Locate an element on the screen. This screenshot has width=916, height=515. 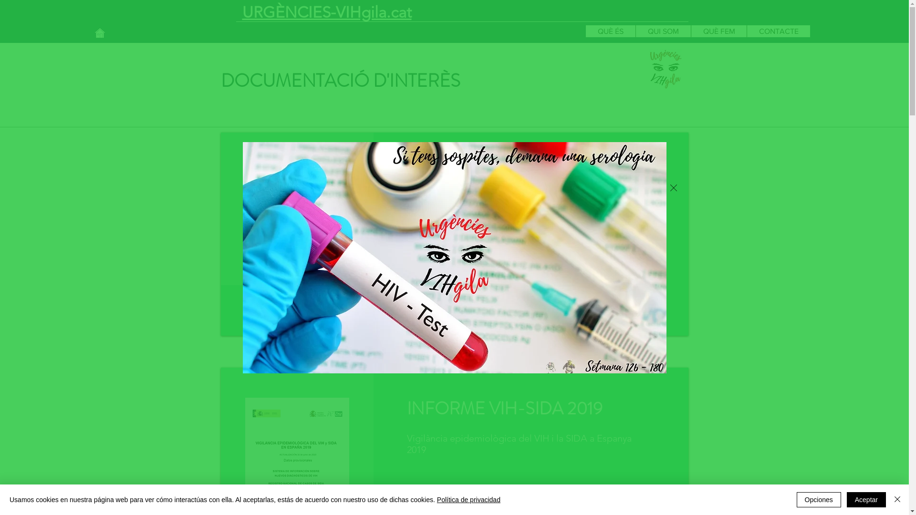
'Opciones' is located at coordinates (818, 499).